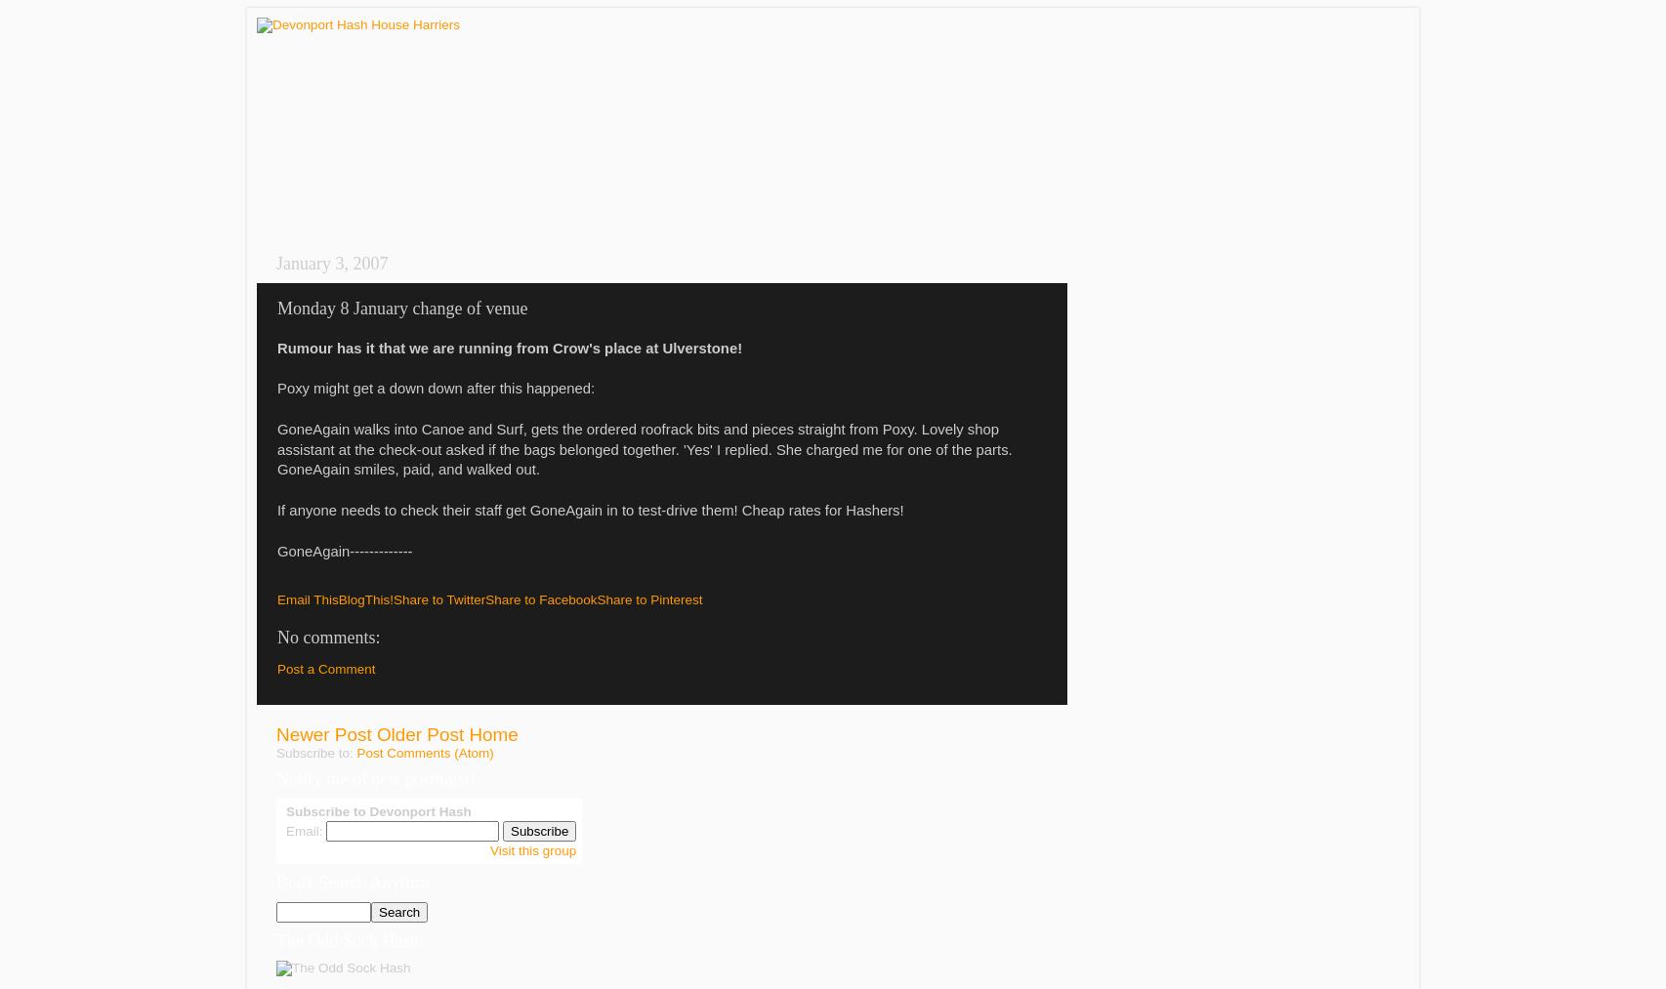 The height and width of the screenshot is (989, 1666). Describe the element at coordinates (647, 598) in the screenshot. I see `'Share to Pinterest'` at that location.